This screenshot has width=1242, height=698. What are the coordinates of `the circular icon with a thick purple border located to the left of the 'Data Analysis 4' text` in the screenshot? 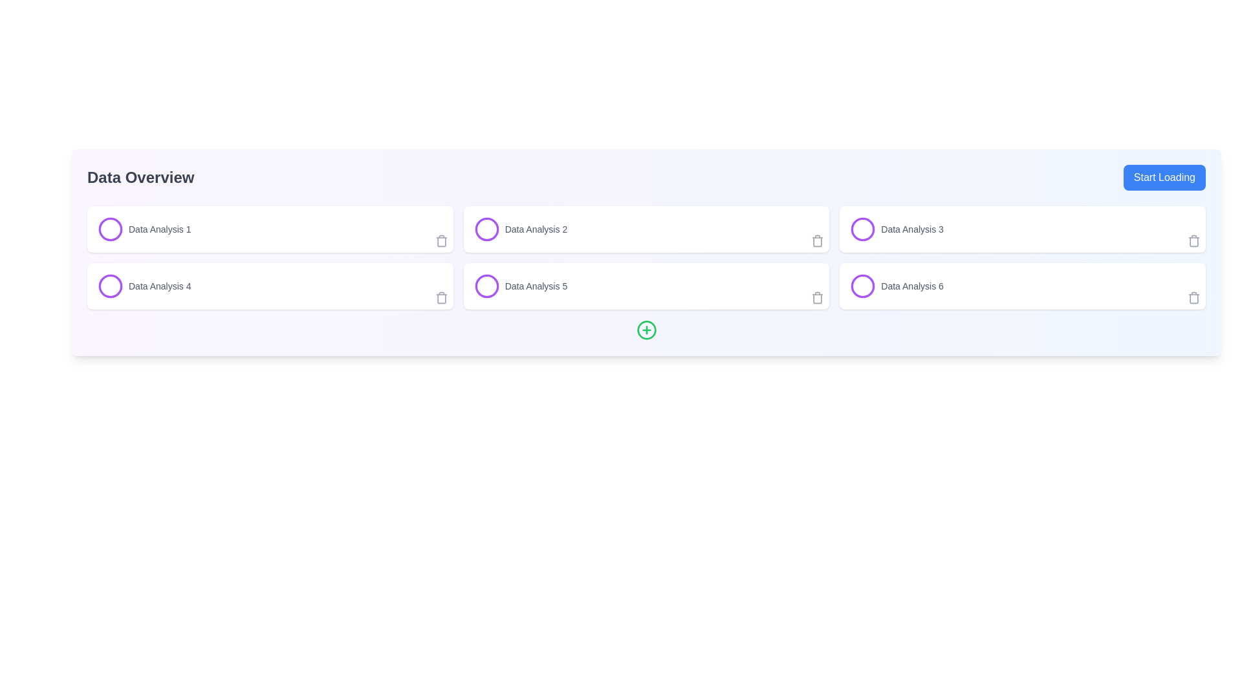 It's located at (111, 286).